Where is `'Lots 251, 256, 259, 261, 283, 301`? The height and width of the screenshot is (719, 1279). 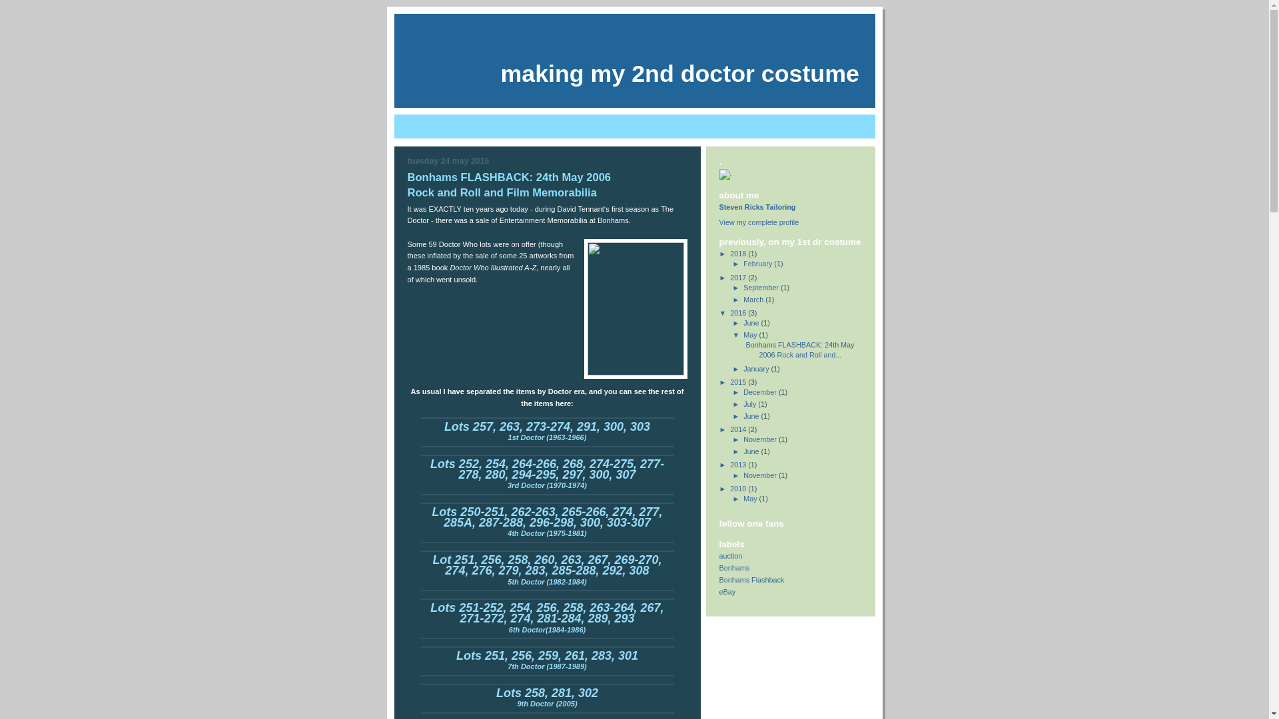 'Lots 251, 256, 259, 261, 283, 301 is located at coordinates (456, 662).